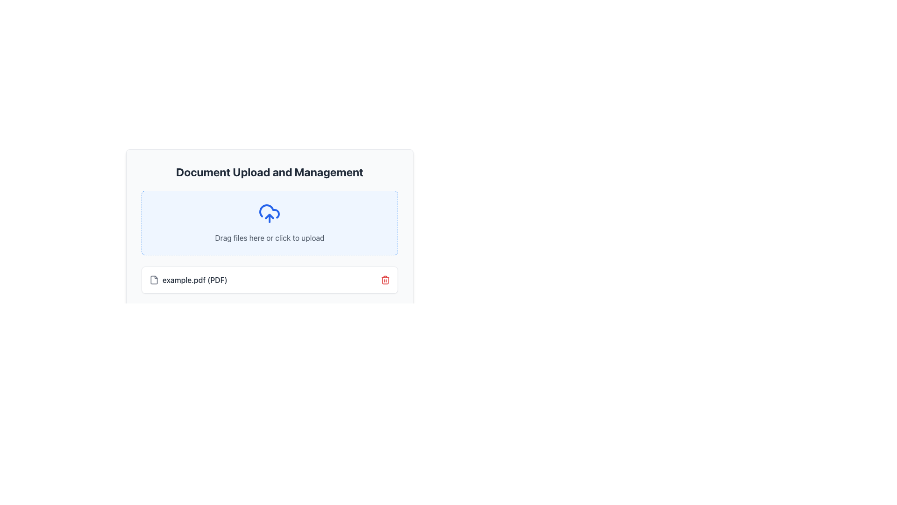 The image size is (897, 505). I want to click on the header text 'Document Upload and Management', which is prominently styled and located at the top section of the document upload interface, so click(269, 172).